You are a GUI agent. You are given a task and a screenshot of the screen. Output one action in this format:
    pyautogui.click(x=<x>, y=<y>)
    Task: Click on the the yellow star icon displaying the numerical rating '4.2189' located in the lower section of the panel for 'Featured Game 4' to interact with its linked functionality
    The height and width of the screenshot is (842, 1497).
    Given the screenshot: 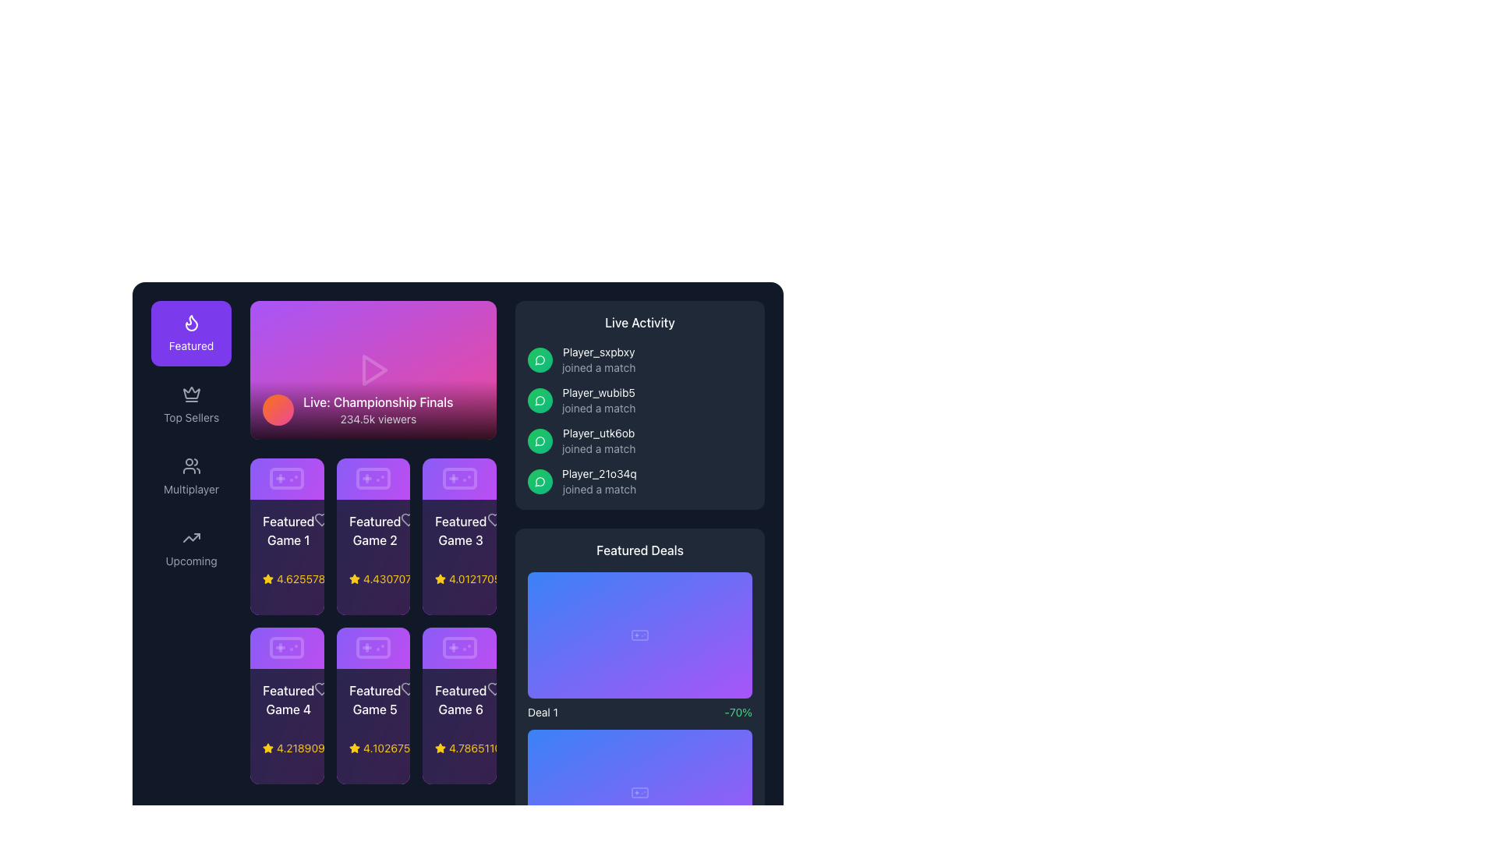 What is the action you would take?
    pyautogui.click(x=287, y=748)
    